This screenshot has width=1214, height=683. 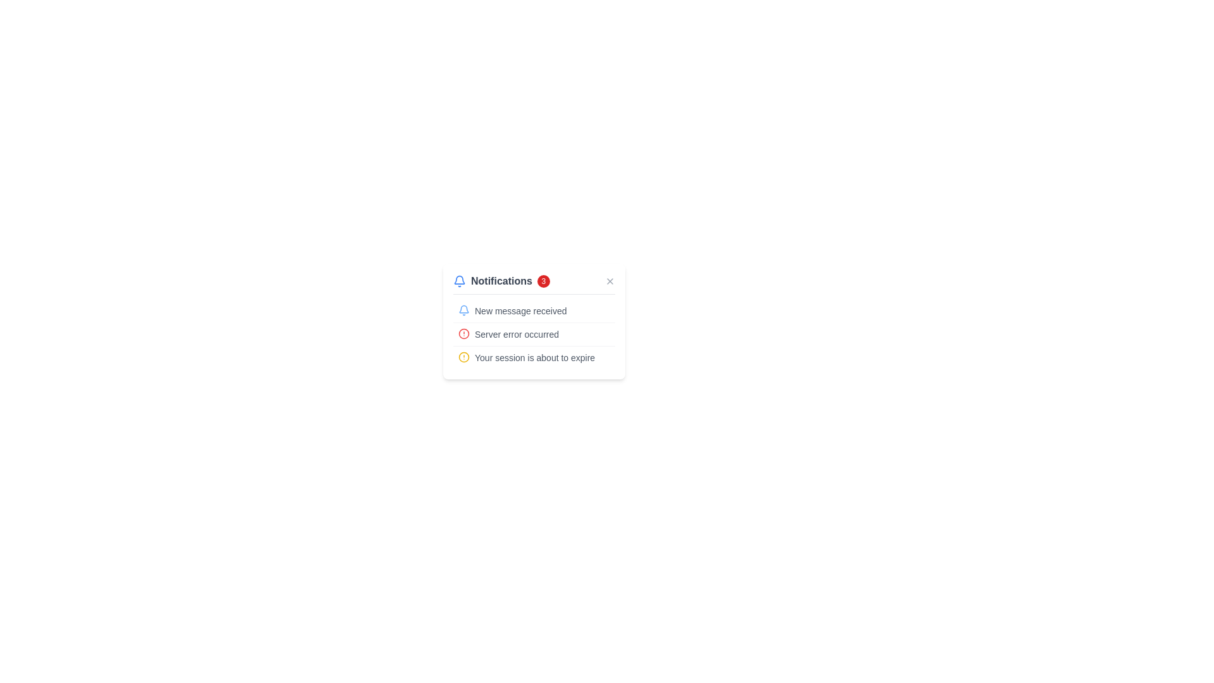 What do you see at coordinates (534, 333) in the screenshot?
I see `the second notification item in the dropdown list, which indicates a server error occurred` at bounding box center [534, 333].